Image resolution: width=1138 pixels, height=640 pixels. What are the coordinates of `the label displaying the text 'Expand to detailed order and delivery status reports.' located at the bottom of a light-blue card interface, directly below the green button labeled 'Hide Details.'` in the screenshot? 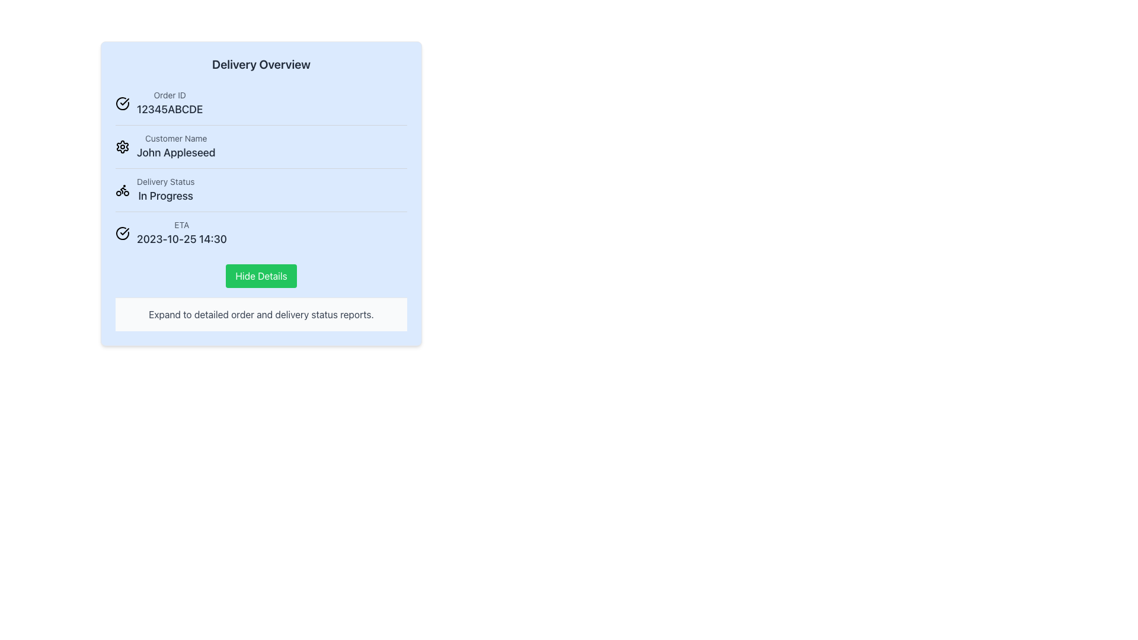 It's located at (261, 314).